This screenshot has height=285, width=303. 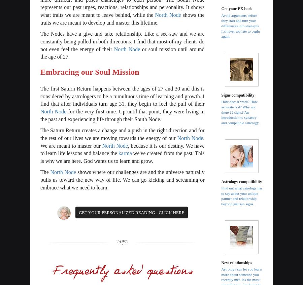 I want to click on 'or soul mission until around the age of 27.', so click(x=122, y=52).